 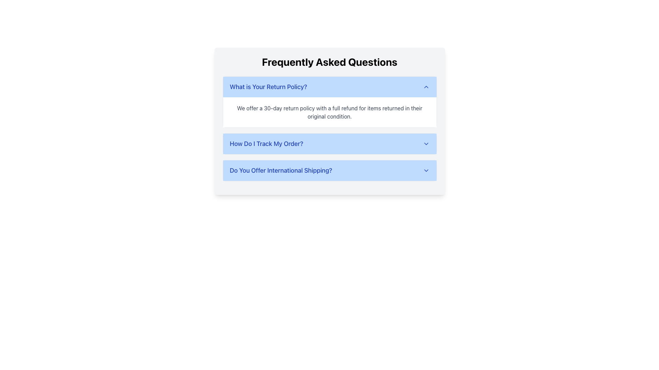 I want to click on the text block displaying 'We offer a 30-day return policy with a full refund for items returned in their original condition.' located below the 'What is Your Return Policy?' section in the FAQ interface, so click(x=329, y=112).